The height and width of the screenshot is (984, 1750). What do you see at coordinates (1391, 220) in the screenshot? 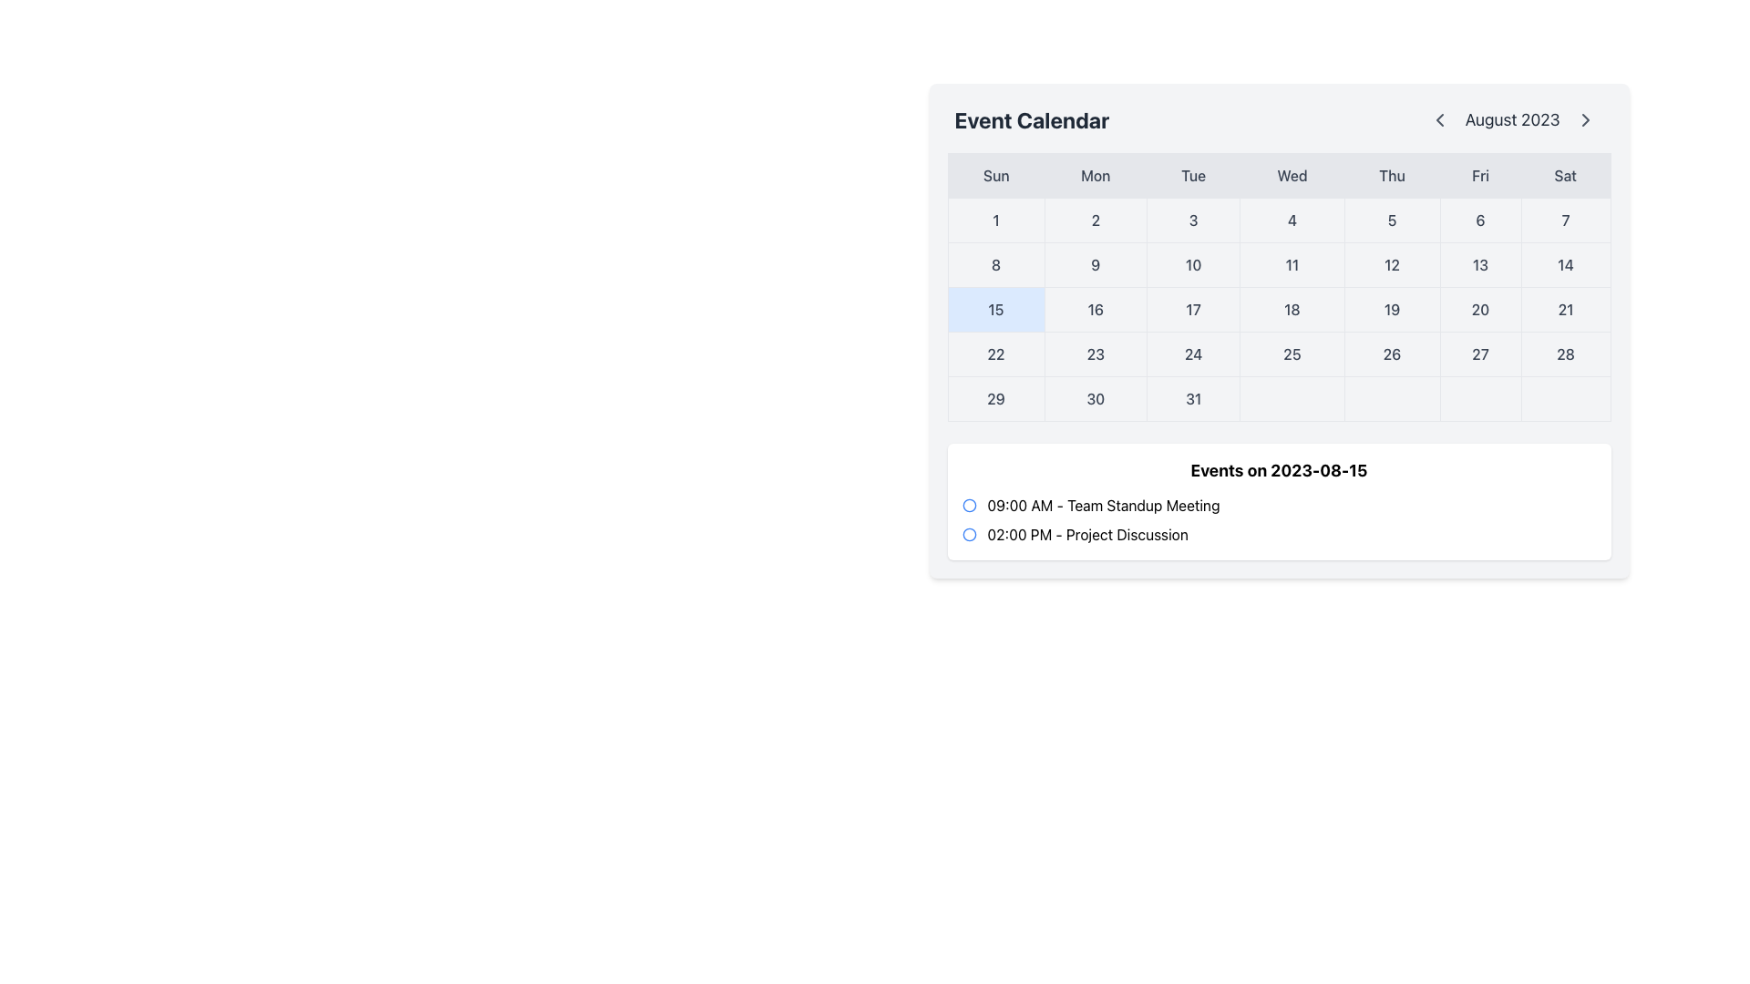
I see `the clickable day cell representing the date '5' in the calendar grid` at bounding box center [1391, 220].